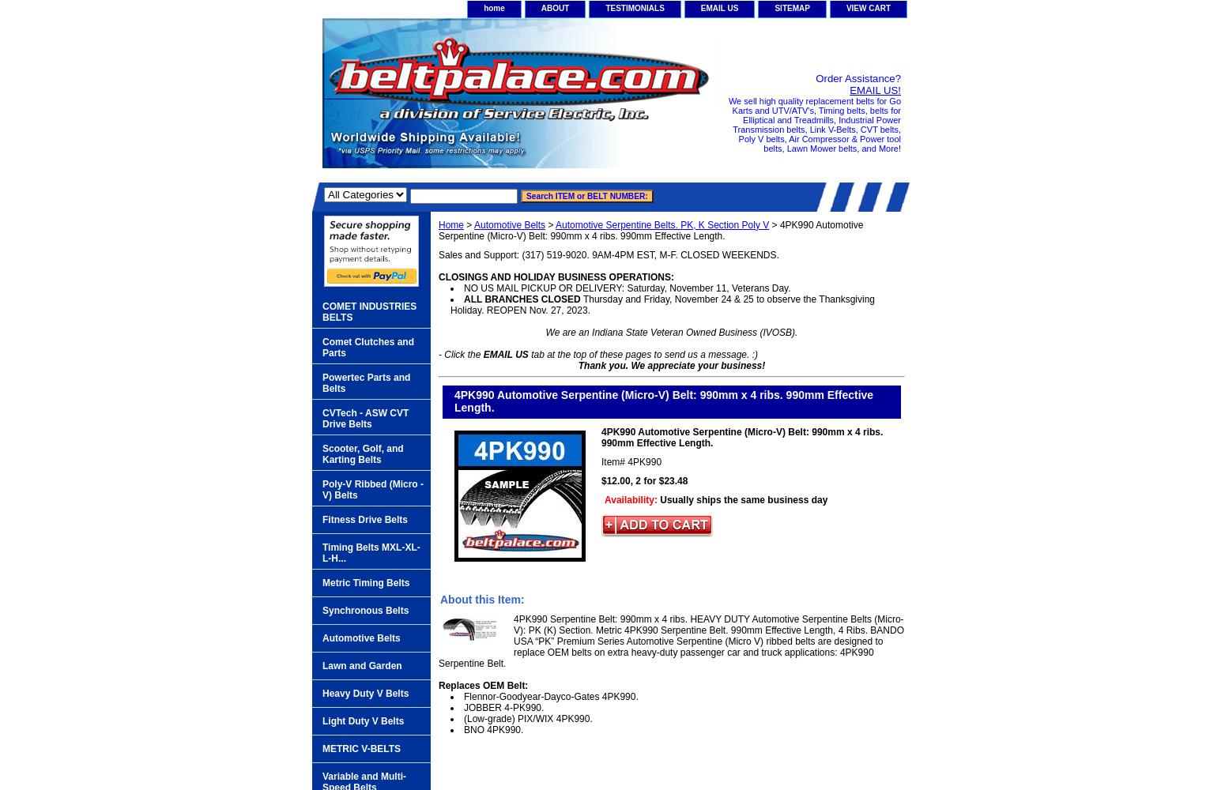  What do you see at coordinates (643, 480) in the screenshot?
I see `'$12.00, 2 for $23.48'` at bounding box center [643, 480].